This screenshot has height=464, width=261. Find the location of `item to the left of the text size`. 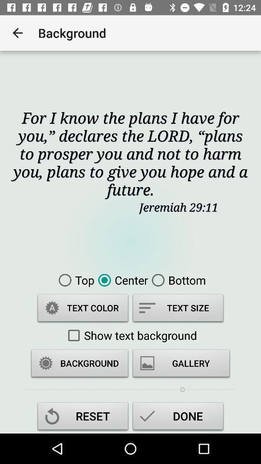

item to the left of the text size is located at coordinates (83, 309).